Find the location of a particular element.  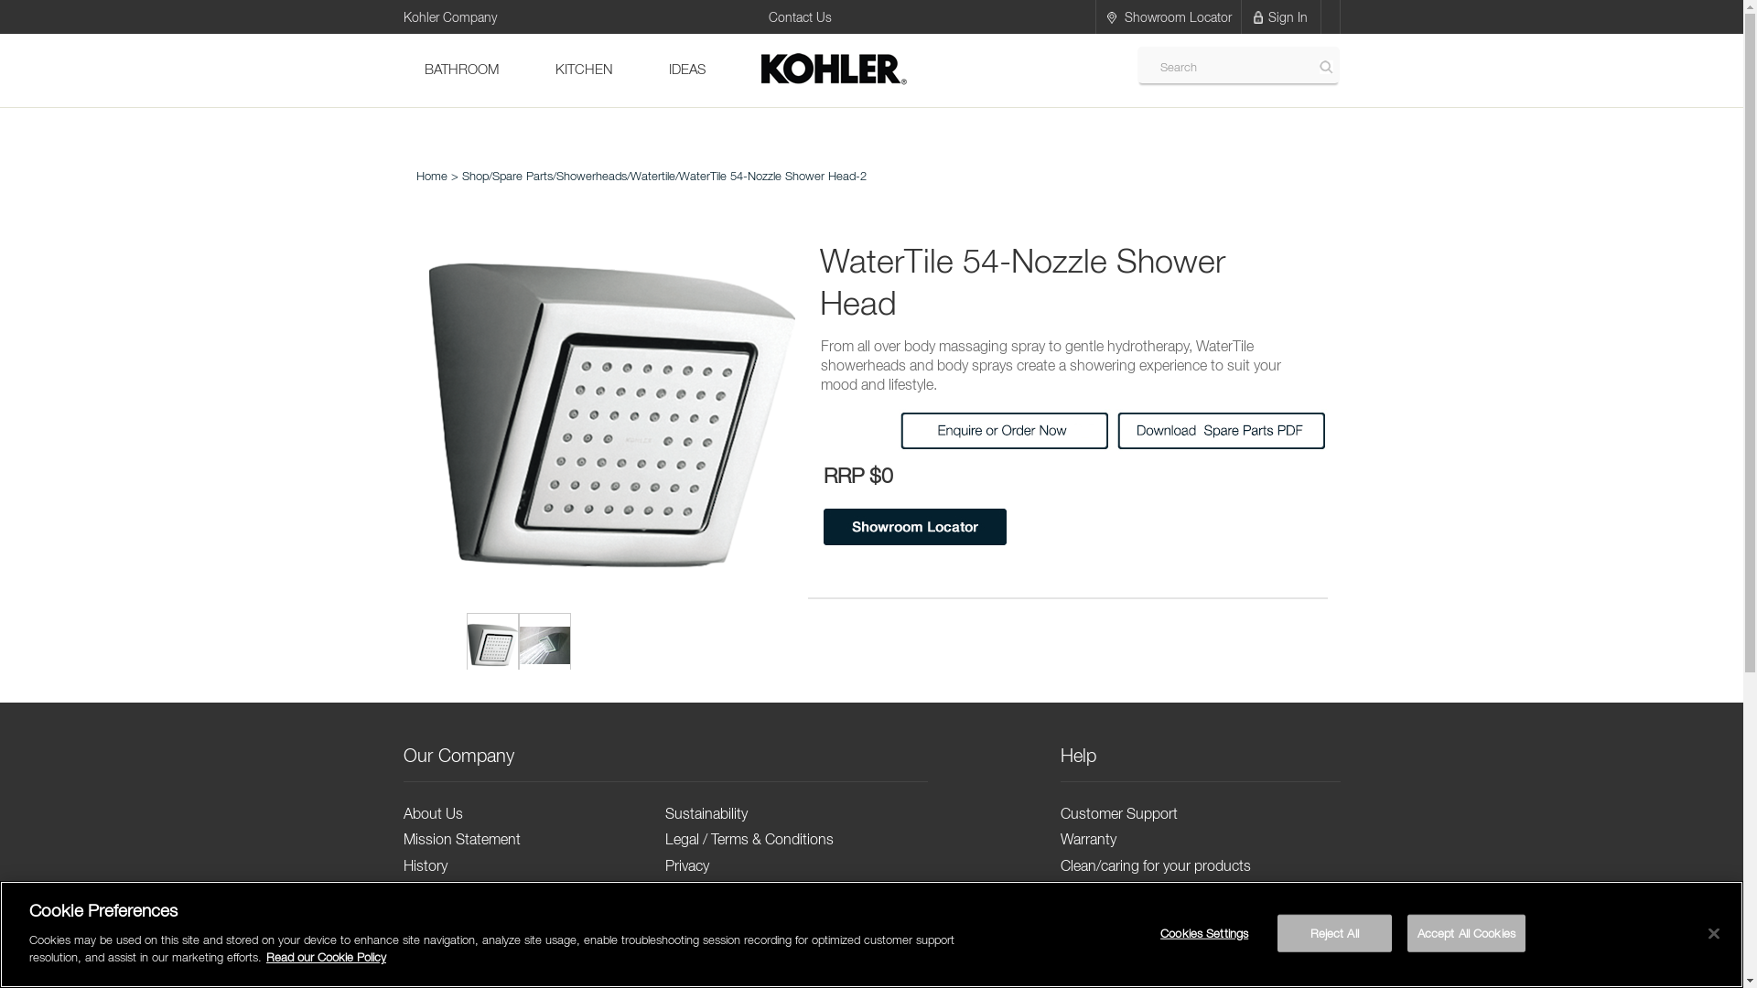

'Press Room' is located at coordinates (441, 945).